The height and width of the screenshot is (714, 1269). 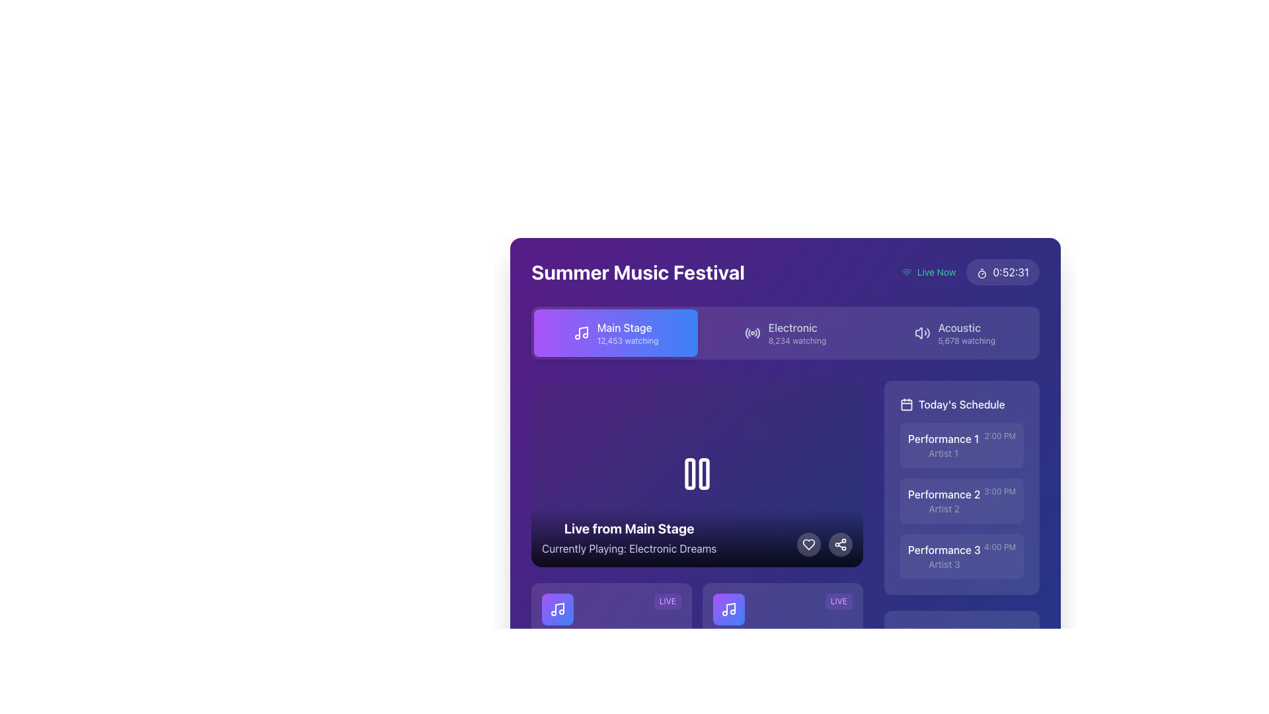 I want to click on text label that serves as a title for a scheduled performance, located at the top of the 'Today's Schedule' section, directly above the text displaying 'Artist 1', so click(x=942, y=438).